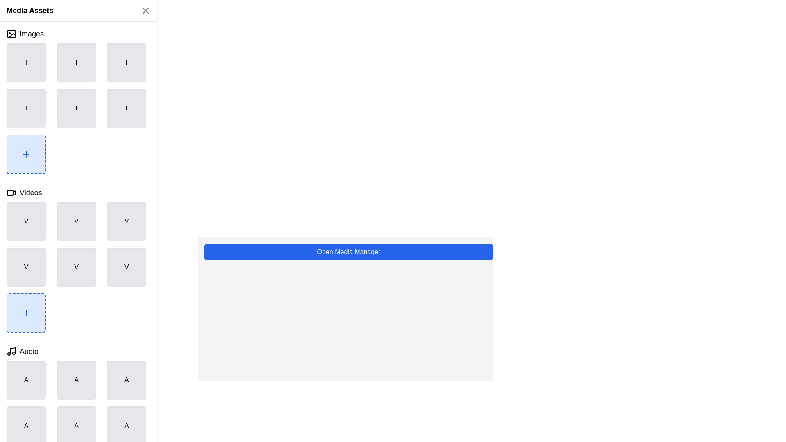 The image size is (786, 442). Describe the element at coordinates (26, 313) in the screenshot. I see `the interactive button for adding or uploading videos located in the bottom-left corner of the grid under the 'Videos' section` at that location.